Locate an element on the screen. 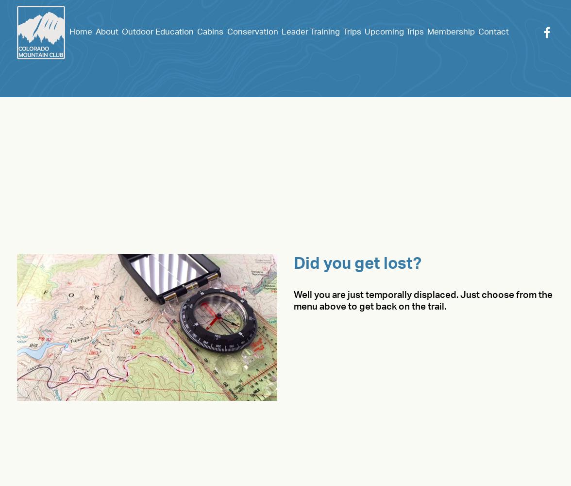 The height and width of the screenshot is (486, 571). 'Upcoming Trips' is located at coordinates (393, 31).